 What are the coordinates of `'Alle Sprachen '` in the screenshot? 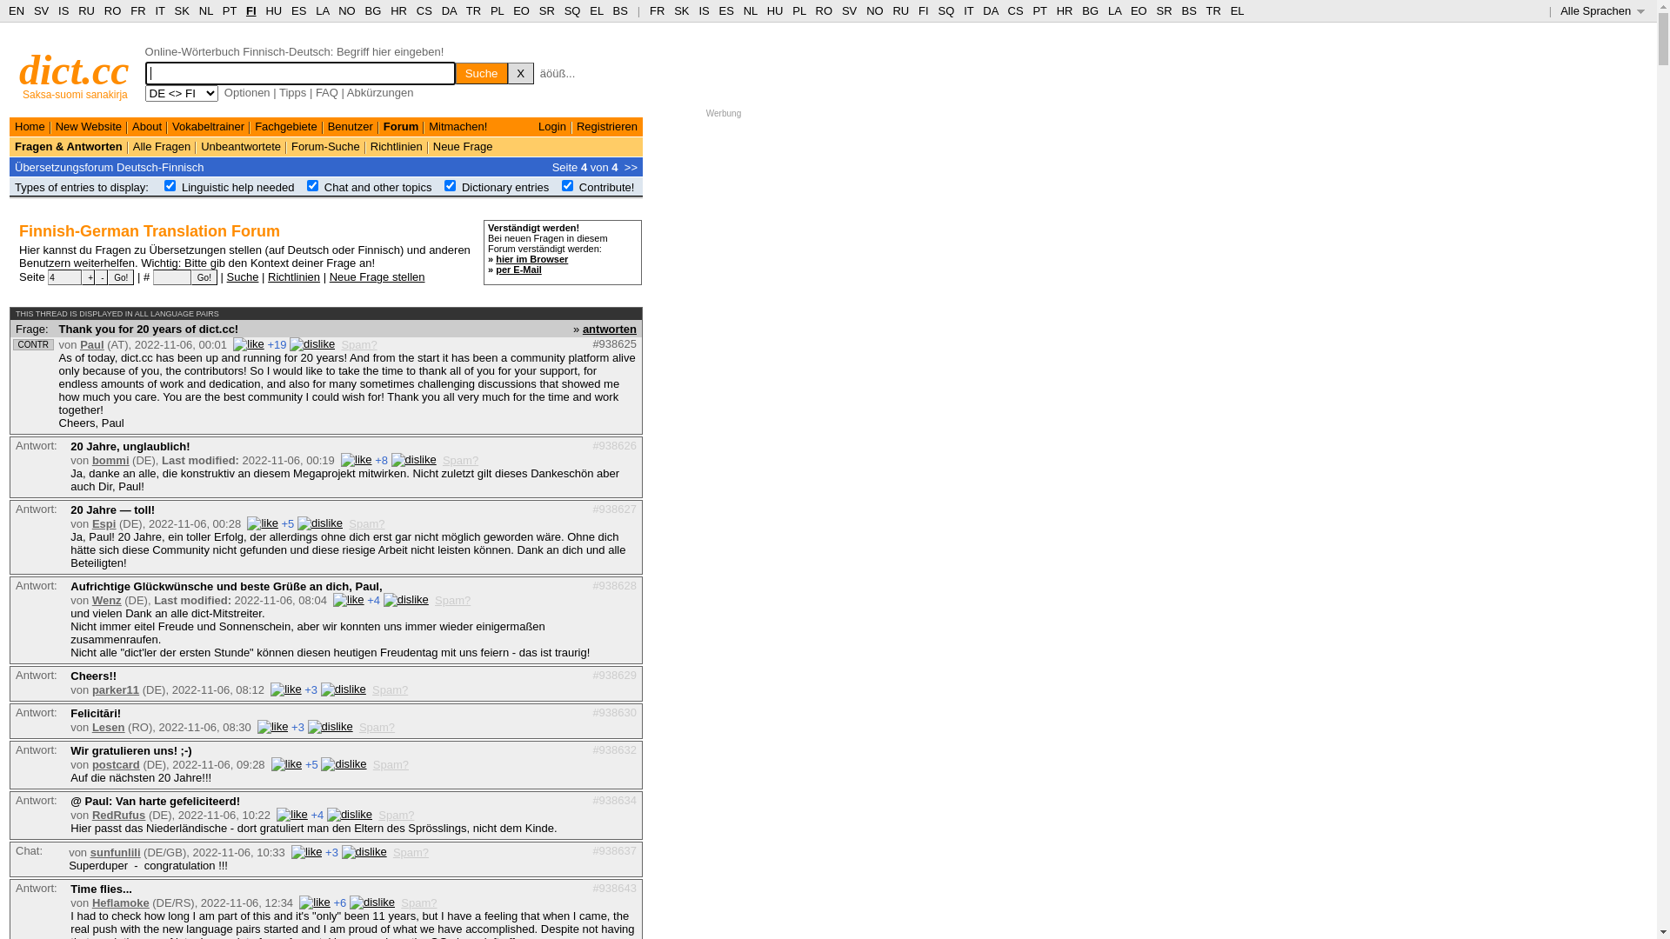 It's located at (1601, 10).